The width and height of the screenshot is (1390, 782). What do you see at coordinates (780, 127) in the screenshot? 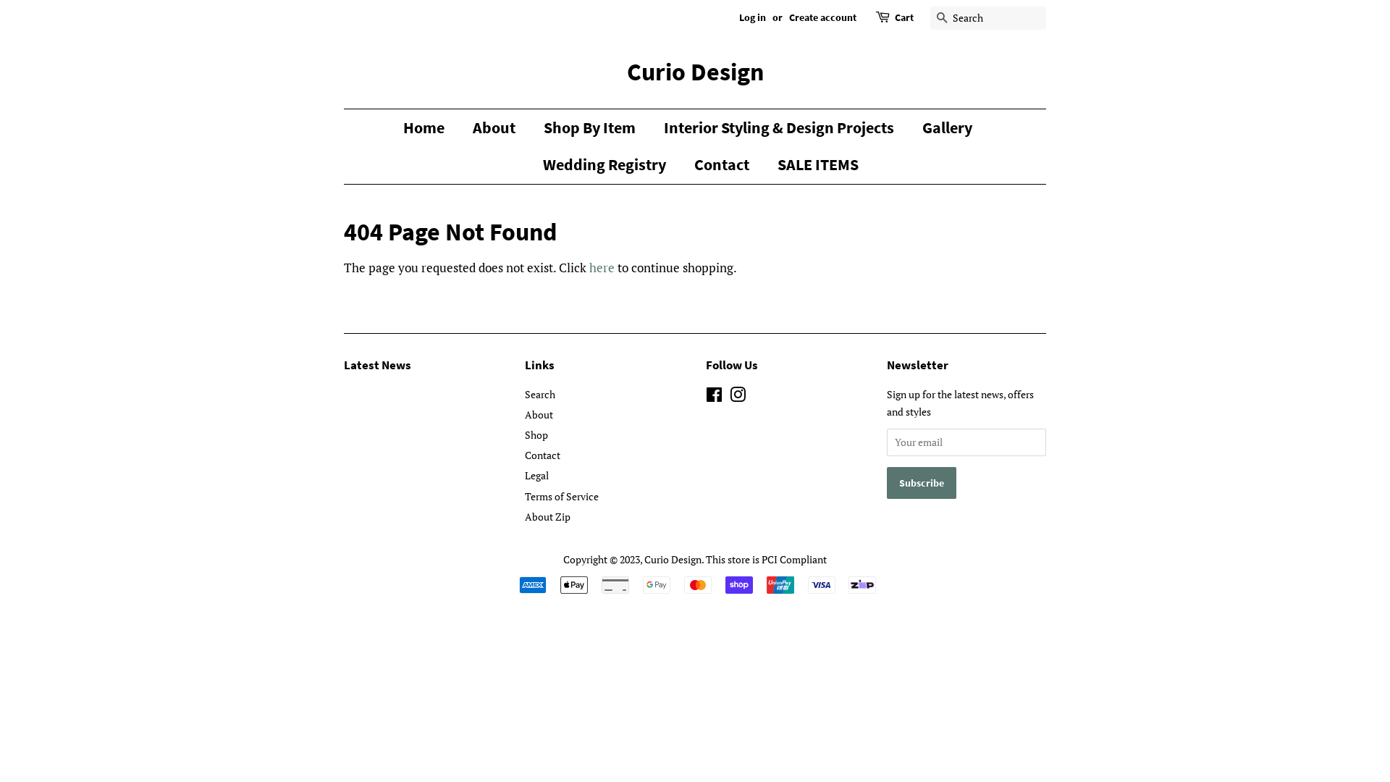
I see `'Interior Styling & Design Projects'` at bounding box center [780, 127].